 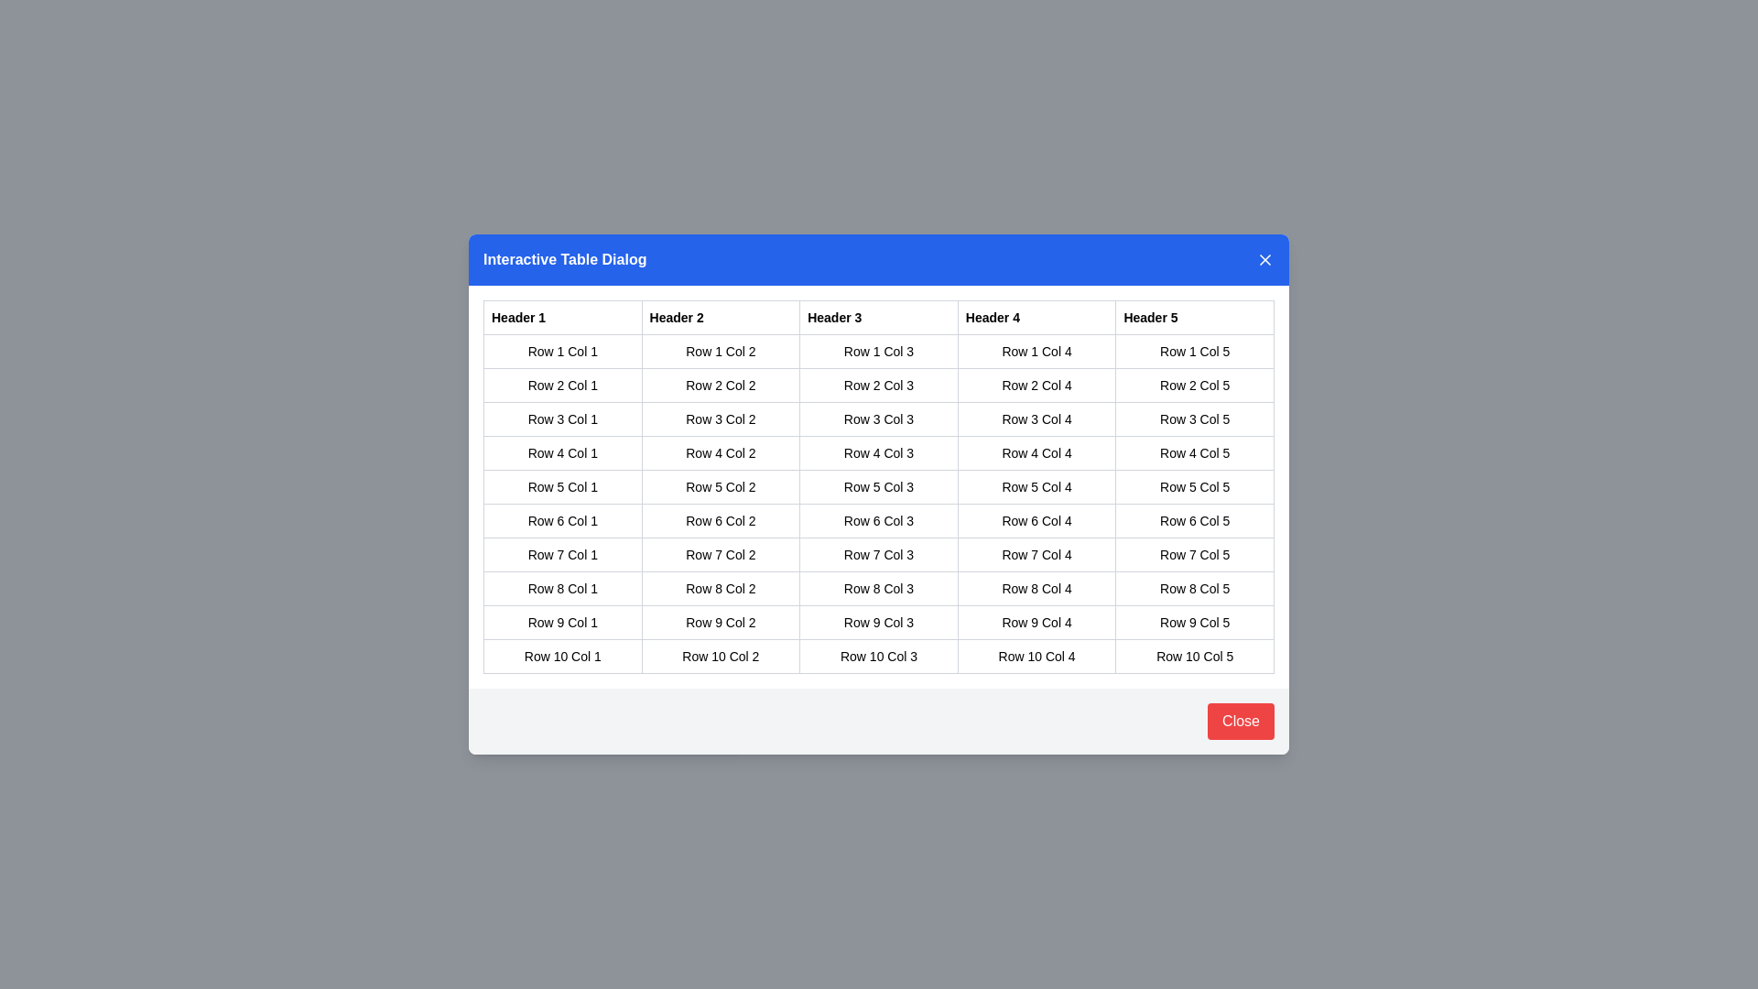 What do you see at coordinates (1241, 720) in the screenshot?
I see `close button in the footer of the dialog` at bounding box center [1241, 720].